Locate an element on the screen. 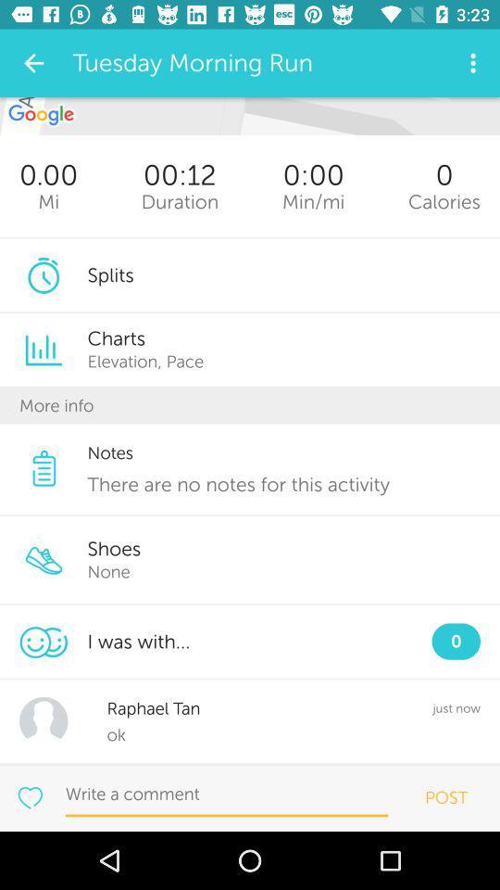  click your favourite option is located at coordinates (29, 796).